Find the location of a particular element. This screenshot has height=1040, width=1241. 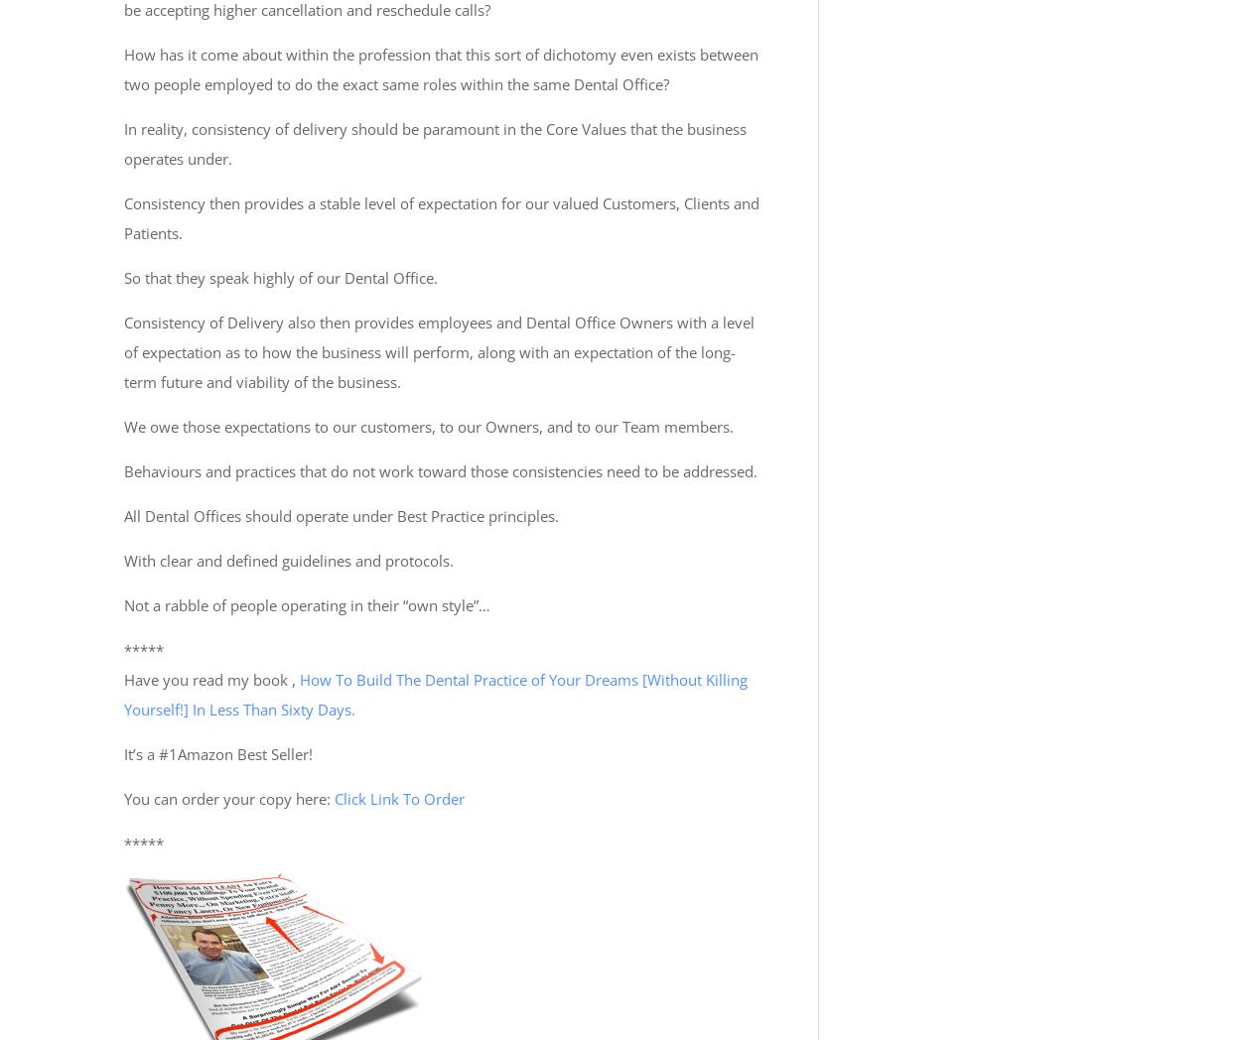

'Behaviours and practices that do not work toward those consistencies need to be addressed.' is located at coordinates (124, 469).